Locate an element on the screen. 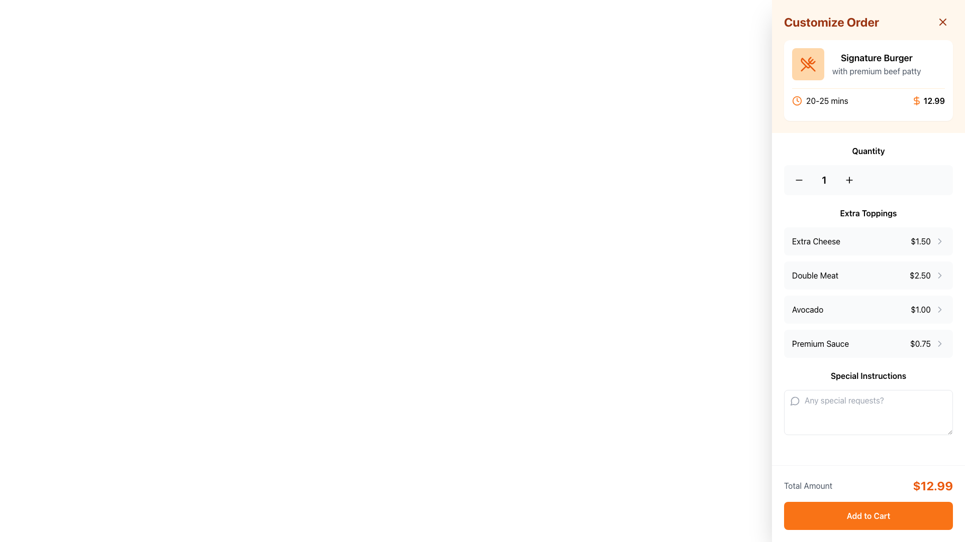  the text input area under the heading 'Special Instructions' with placeholder text 'Any special requests?' is located at coordinates (868, 403).